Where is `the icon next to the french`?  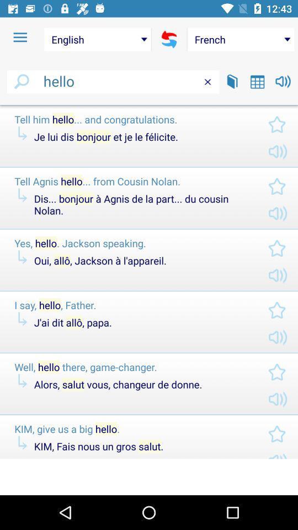
the icon next to the french is located at coordinates (169, 39).